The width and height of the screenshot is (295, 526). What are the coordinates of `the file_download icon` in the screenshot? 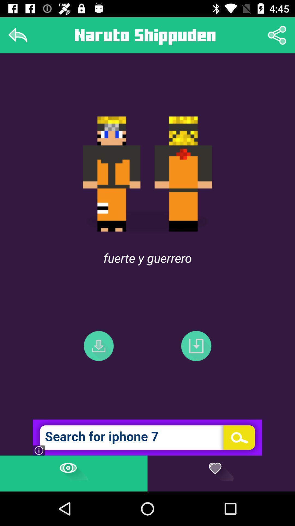 It's located at (99, 345).